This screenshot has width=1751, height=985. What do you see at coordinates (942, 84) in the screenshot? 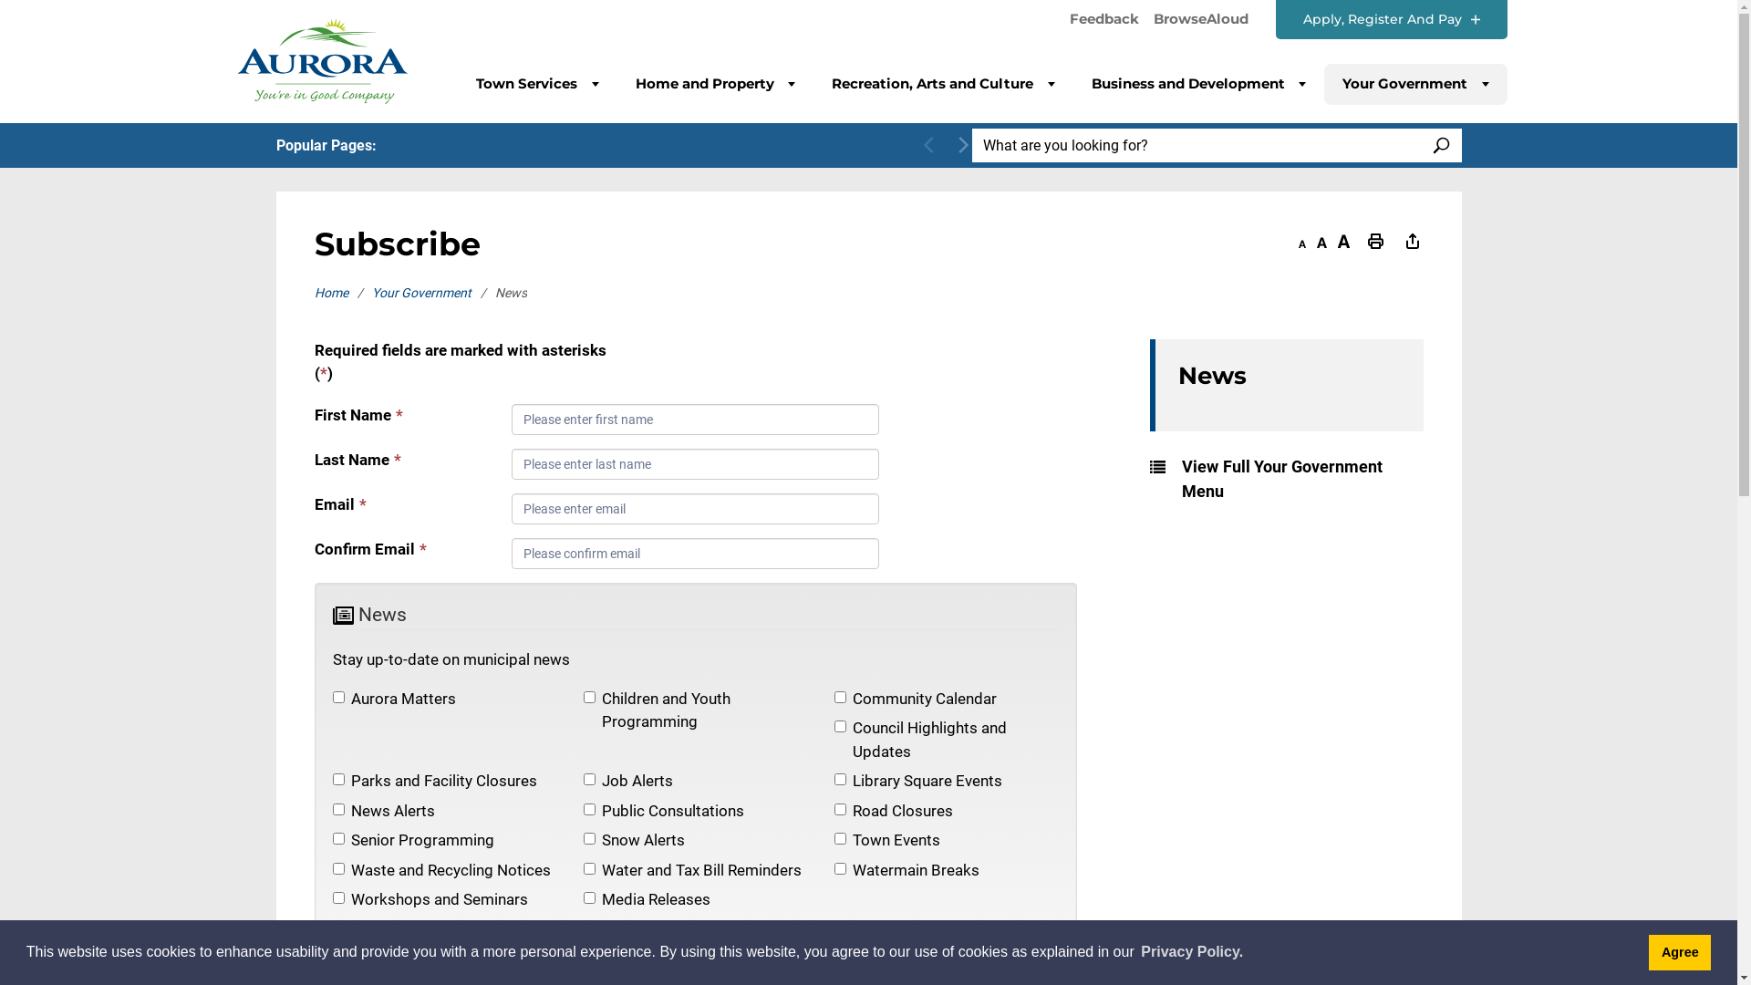
I see `'Recreation, Arts and Culture'` at bounding box center [942, 84].